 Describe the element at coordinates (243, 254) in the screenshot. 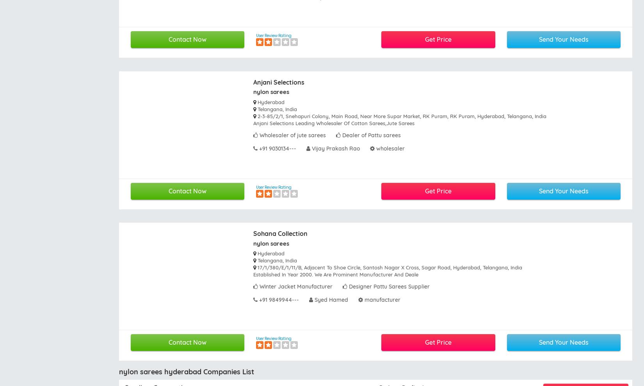

I see `'Privacy Policy'` at that location.